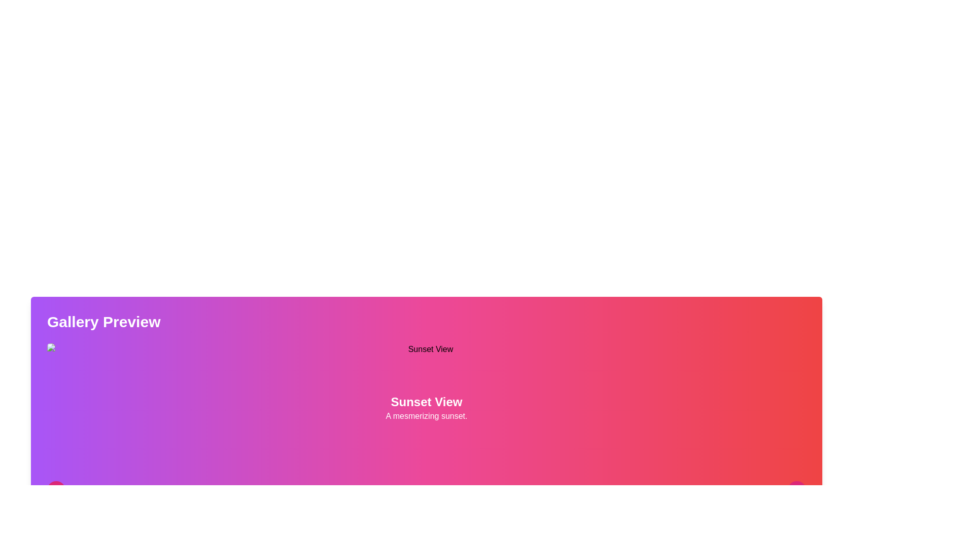  Describe the element at coordinates (55, 490) in the screenshot. I see `the leftward chevron arrow icon, which serves as a back navigation control located at the bottom-left corner of the 'Gallery Preview' area, within a circular pink button` at that location.